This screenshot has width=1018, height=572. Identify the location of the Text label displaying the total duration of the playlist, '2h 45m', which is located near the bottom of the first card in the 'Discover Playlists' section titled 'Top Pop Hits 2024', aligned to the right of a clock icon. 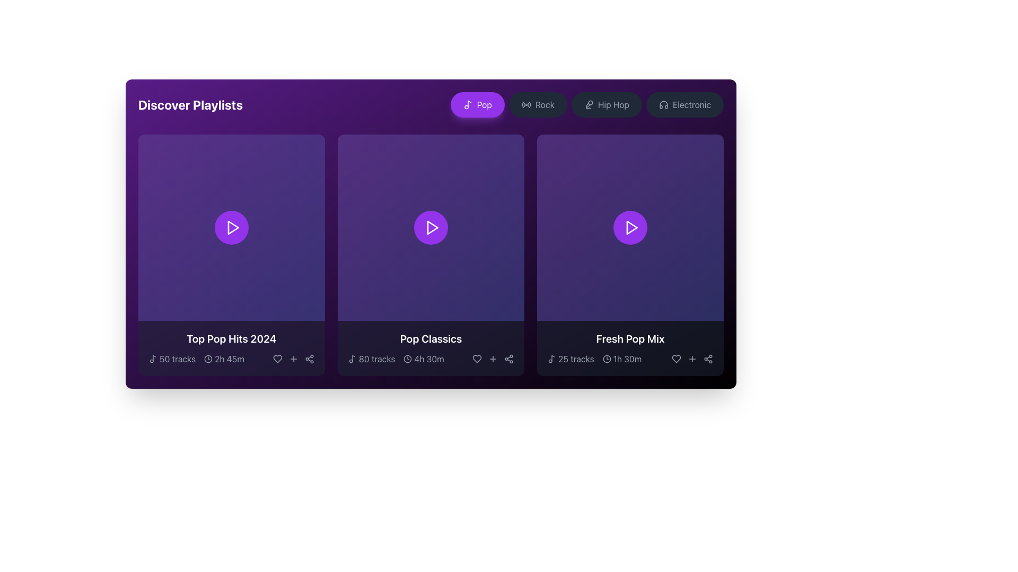
(229, 359).